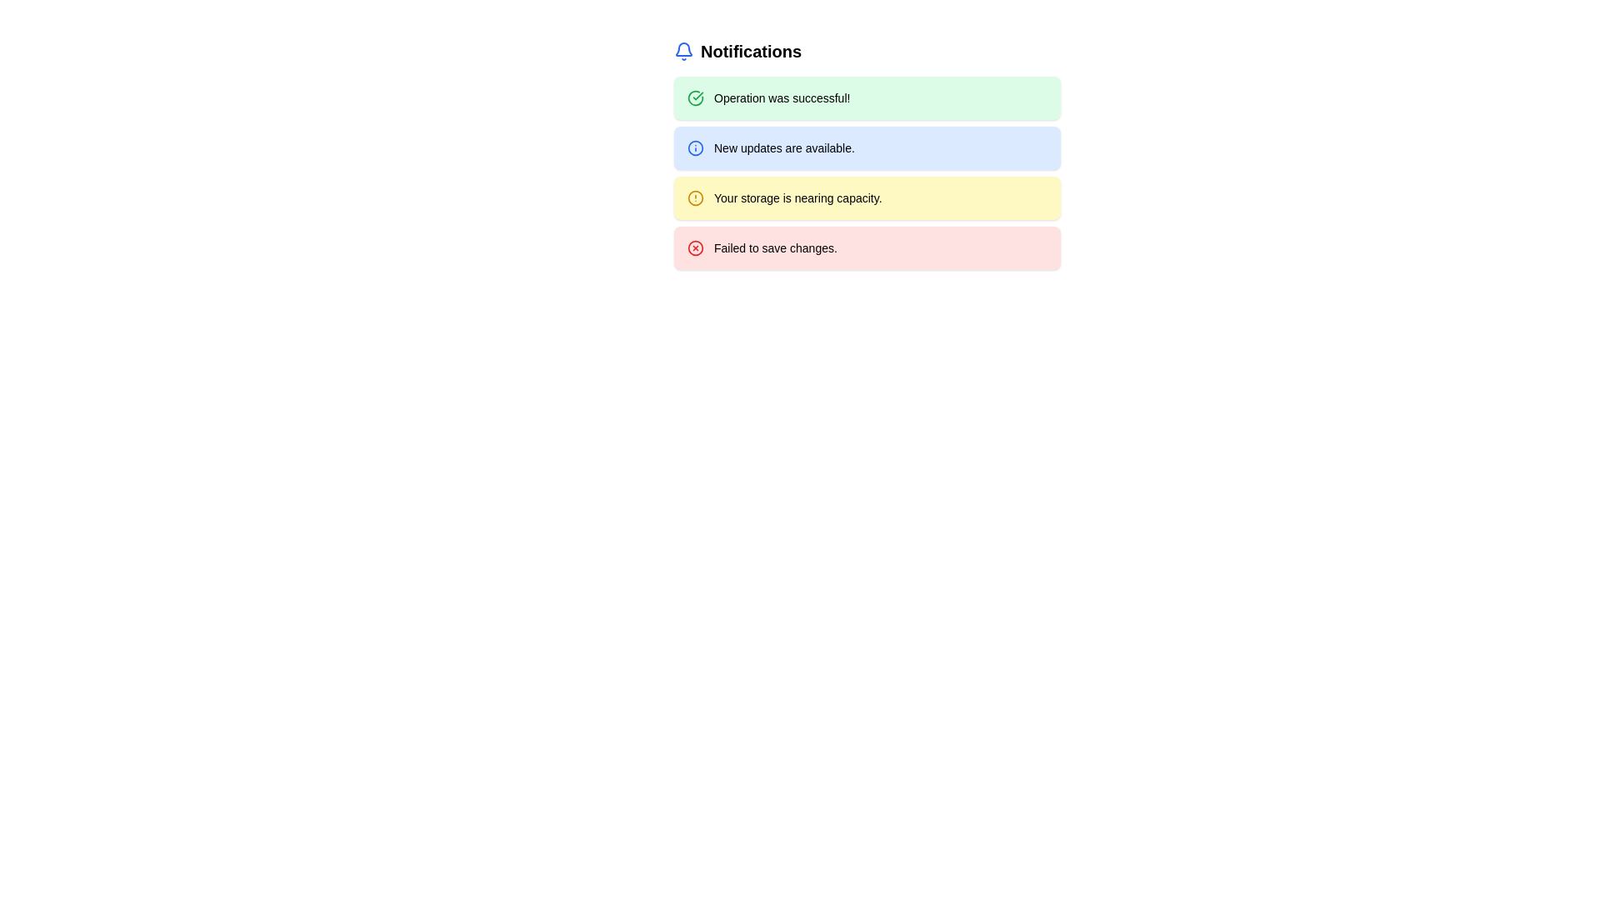  What do you see at coordinates (696, 147) in the screenshot?
I see `the appearance of the circular blue outlined icon located to the left of the text 'New updates are available' in the notification box` at bounding box center [696, 147].